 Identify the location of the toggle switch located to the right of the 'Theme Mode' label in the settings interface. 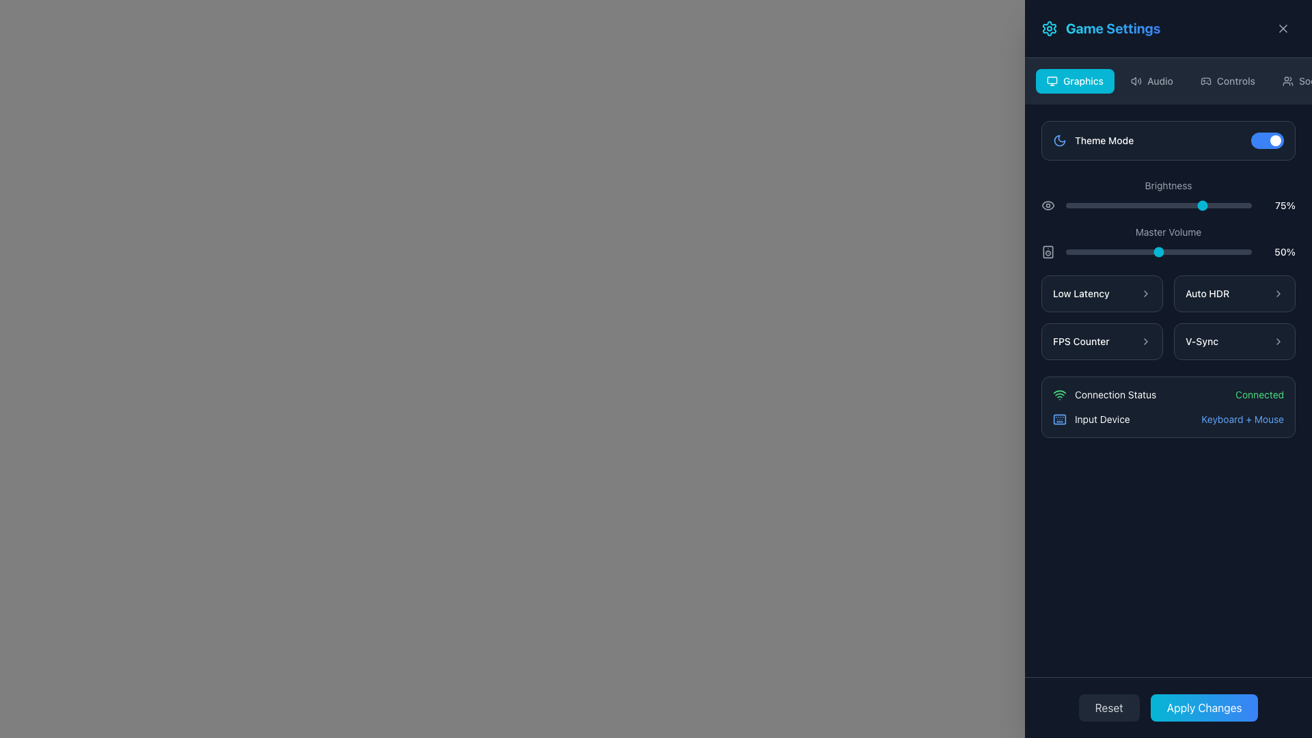
(1266, 140).